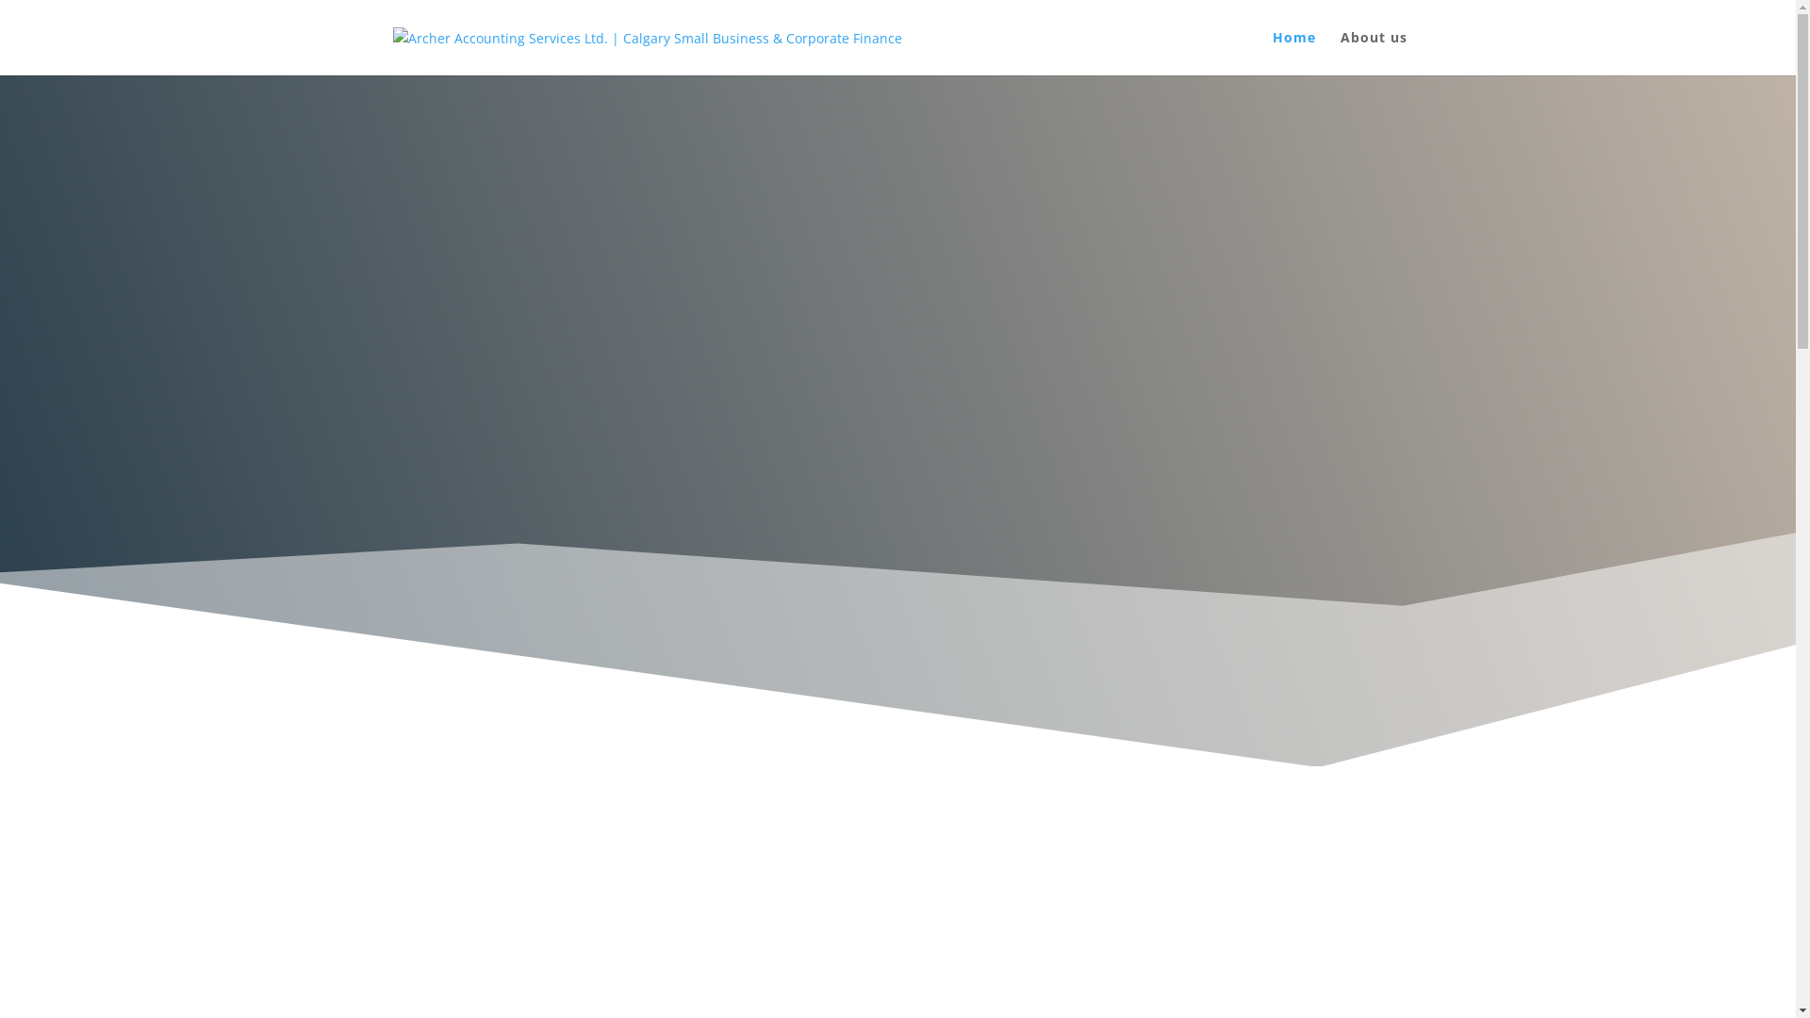  What do you see at coordinates (1374, 52) in the screenshot?
I see `'About us'` at bounding box center [1374, 52].